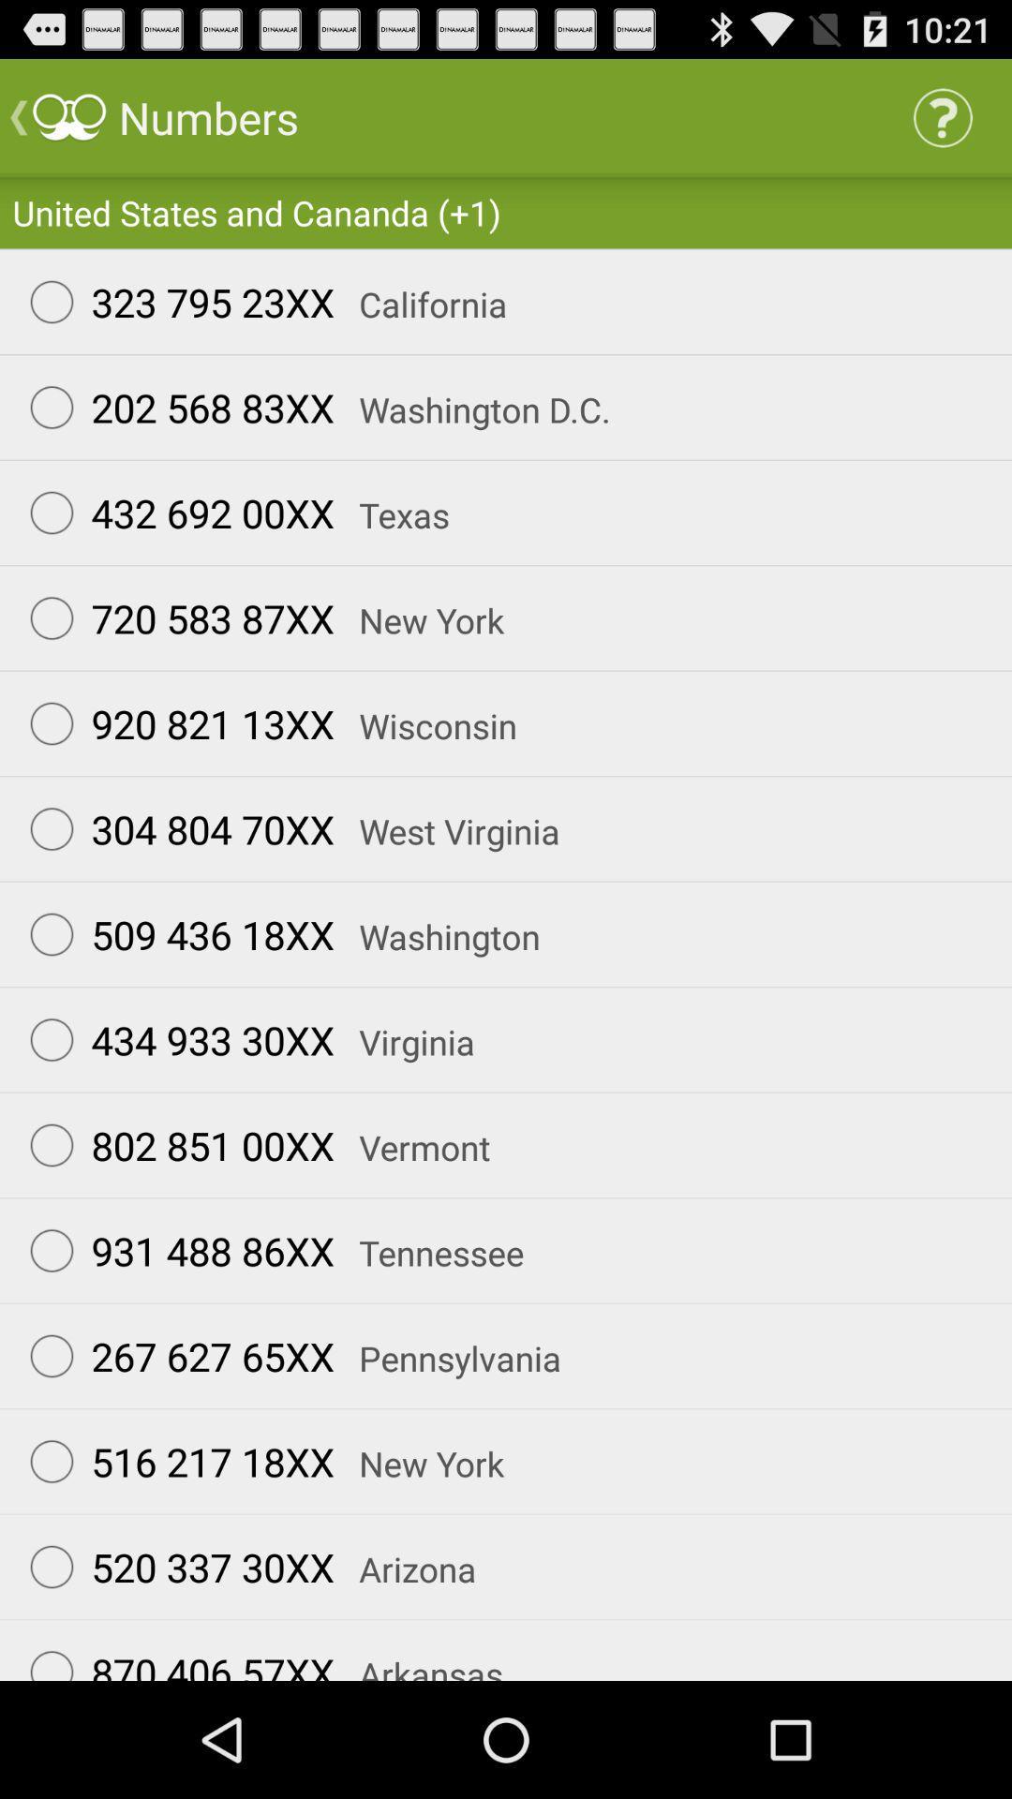  What do you see at coordinates (391, 514) in the screenshot?
I see `the texas icon` at bounding box center [391, 514].